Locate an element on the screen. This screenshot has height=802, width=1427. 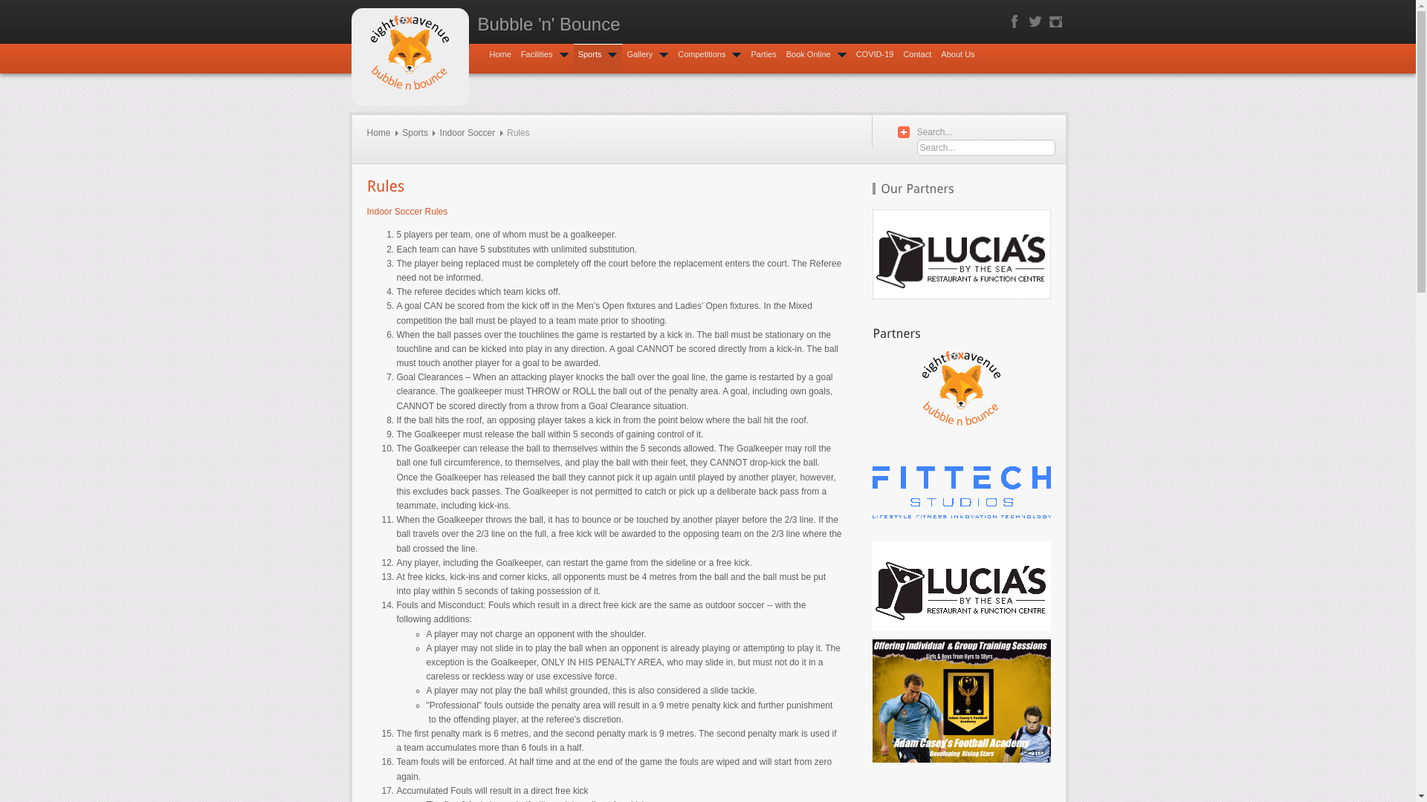
'Competitions' is located at coordinates (708, 59).